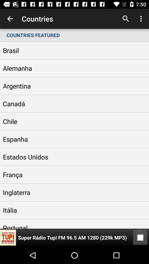  I want to click on item at the bottom right corner, so click(140, 237).